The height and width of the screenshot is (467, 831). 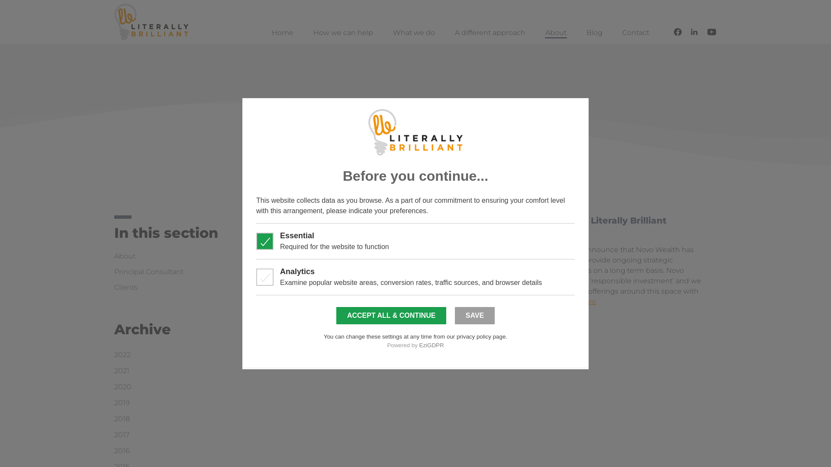 I want to click on '2021', so click(x=121, y=370).